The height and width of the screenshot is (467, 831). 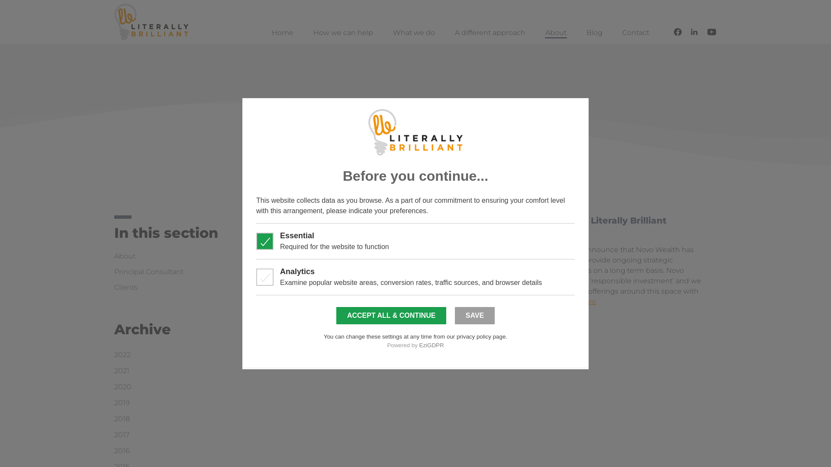 I want to click on '2021', so click(x=121, y=370).